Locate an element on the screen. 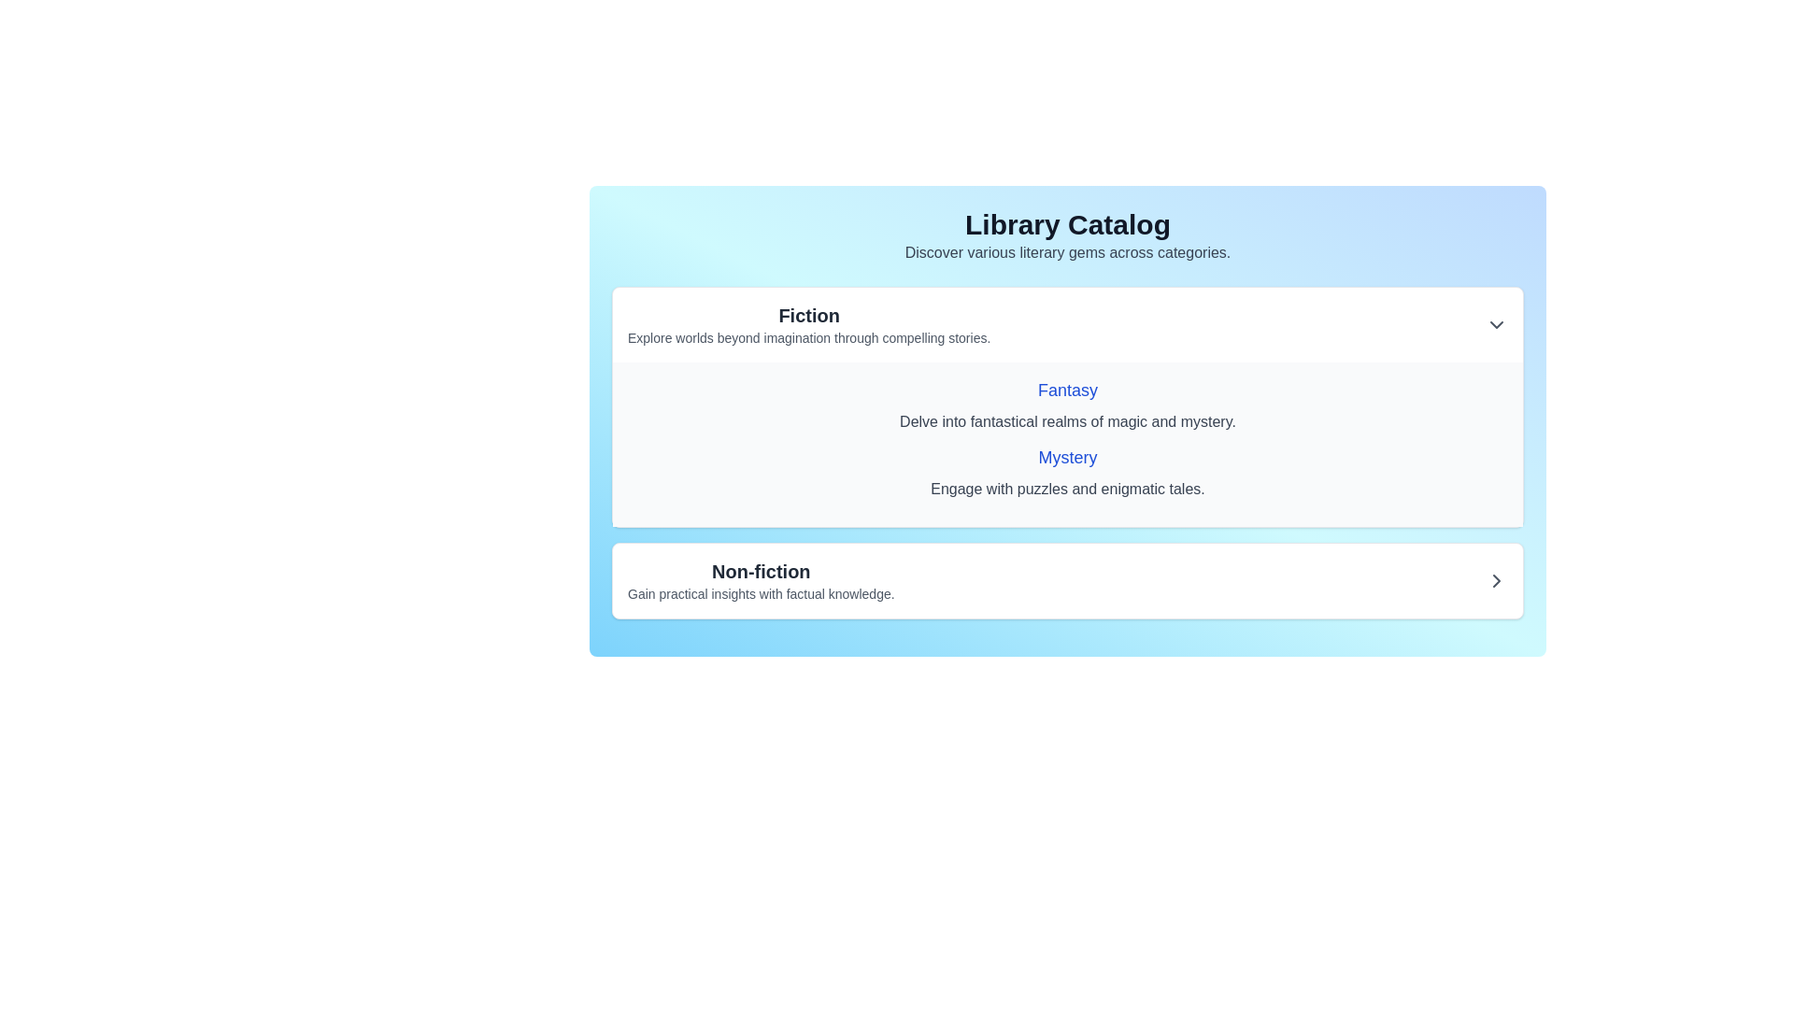 The image size is (1794, 1009). the 'Mystery' category Text Label in the Fiction section of the Library Catalog interface, which is located below the 'Fantasy' label is located at coordinates (1067, 457).